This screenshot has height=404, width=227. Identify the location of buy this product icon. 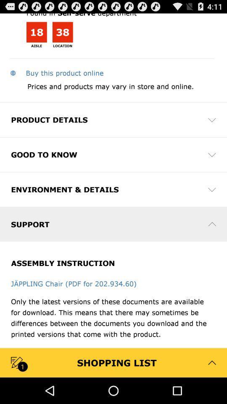
(56, 72).